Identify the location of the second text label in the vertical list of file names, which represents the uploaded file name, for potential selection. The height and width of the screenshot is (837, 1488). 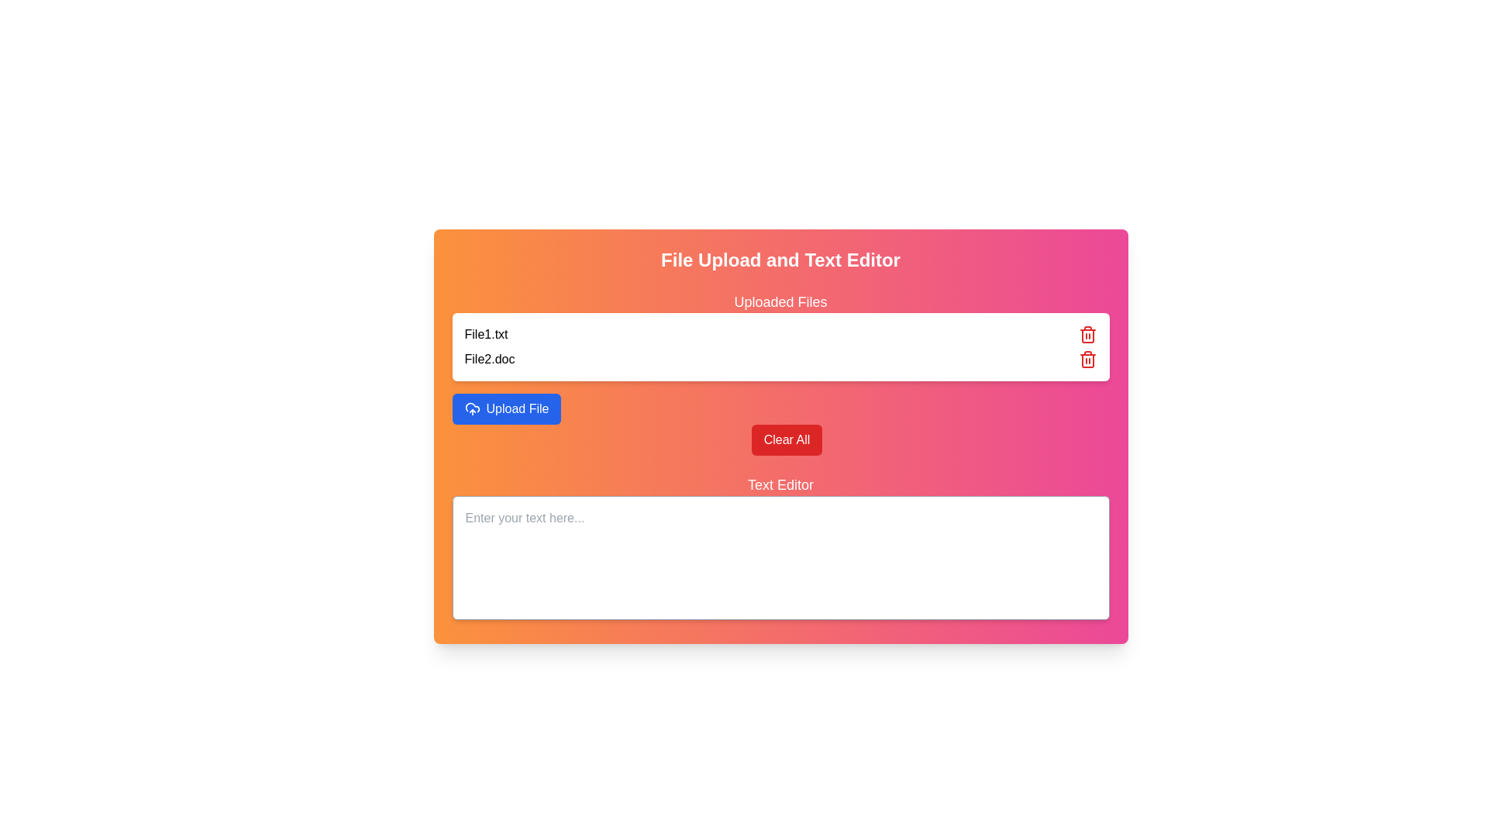
(488, 359).